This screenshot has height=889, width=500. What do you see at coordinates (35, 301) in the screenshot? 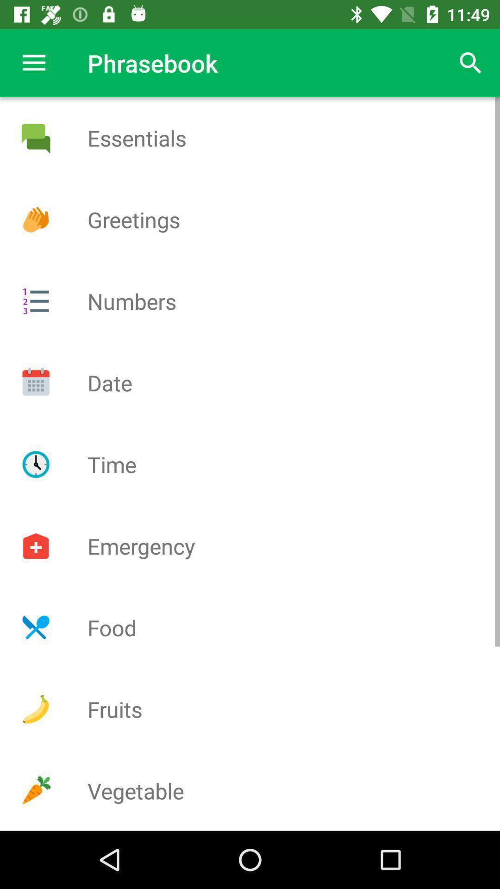
I see `show numbers` at bounding box center [35, 301].